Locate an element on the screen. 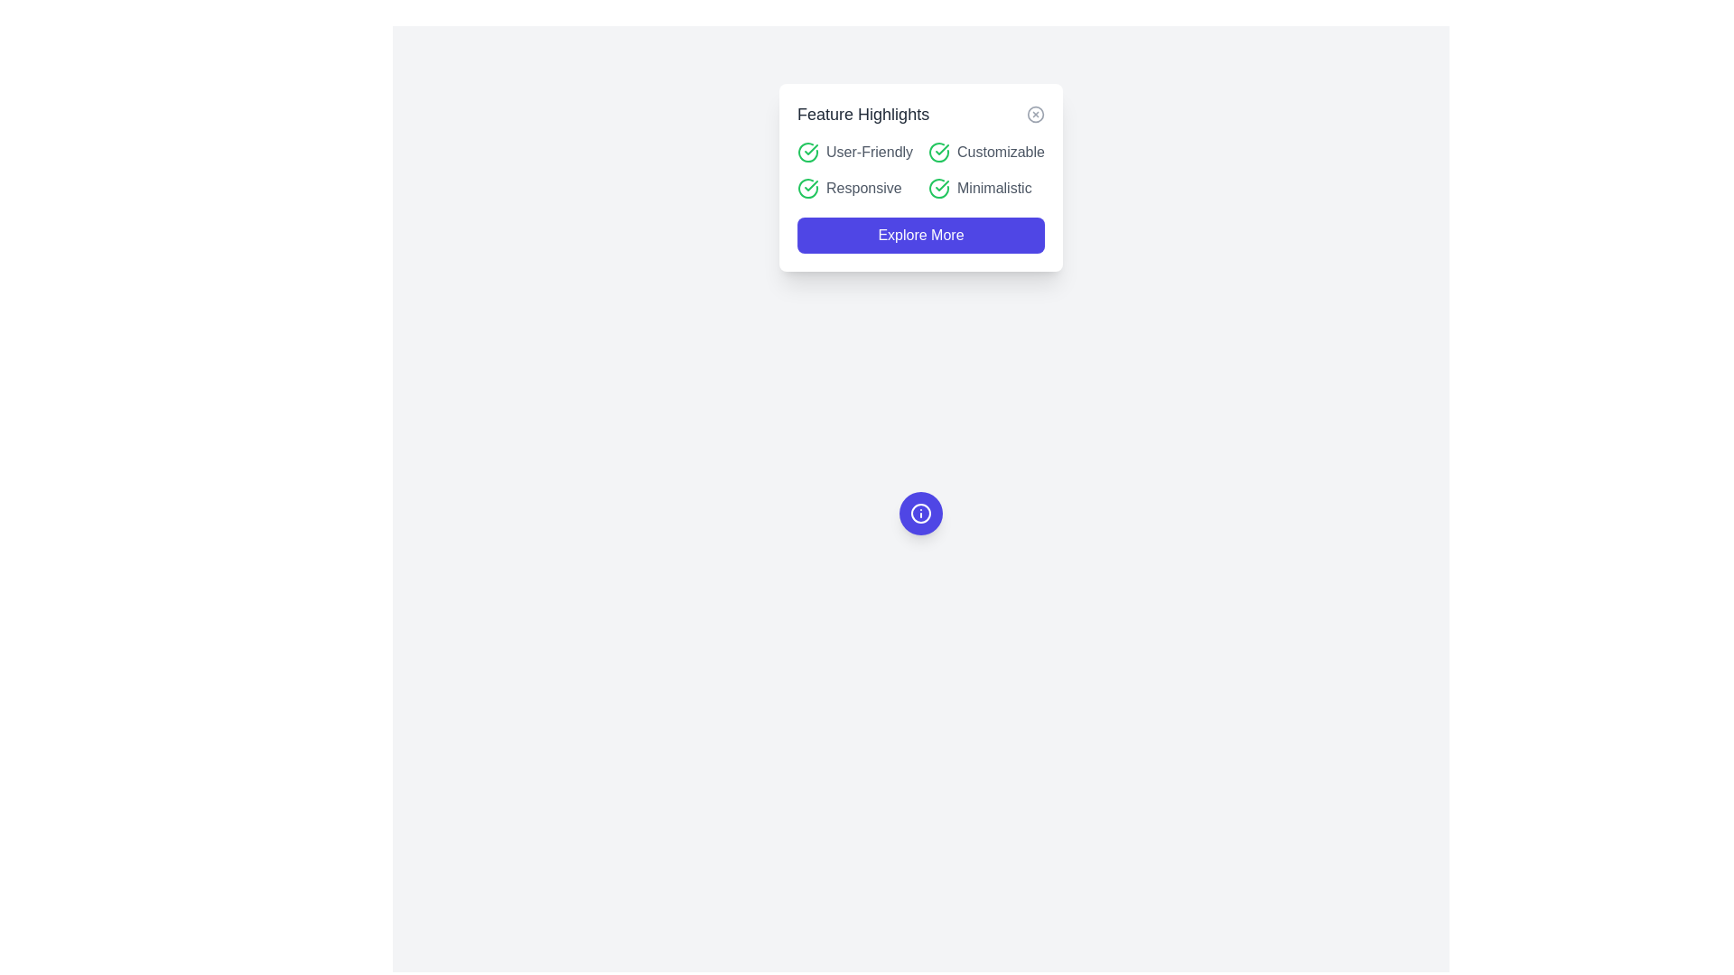 This screenshot has height=975, width=1734. the Interactive icon button, a small gray circle with a cross inside, located in the upper right corner of the 'Feature Highlights' card is located at coordinates (1036, 115).